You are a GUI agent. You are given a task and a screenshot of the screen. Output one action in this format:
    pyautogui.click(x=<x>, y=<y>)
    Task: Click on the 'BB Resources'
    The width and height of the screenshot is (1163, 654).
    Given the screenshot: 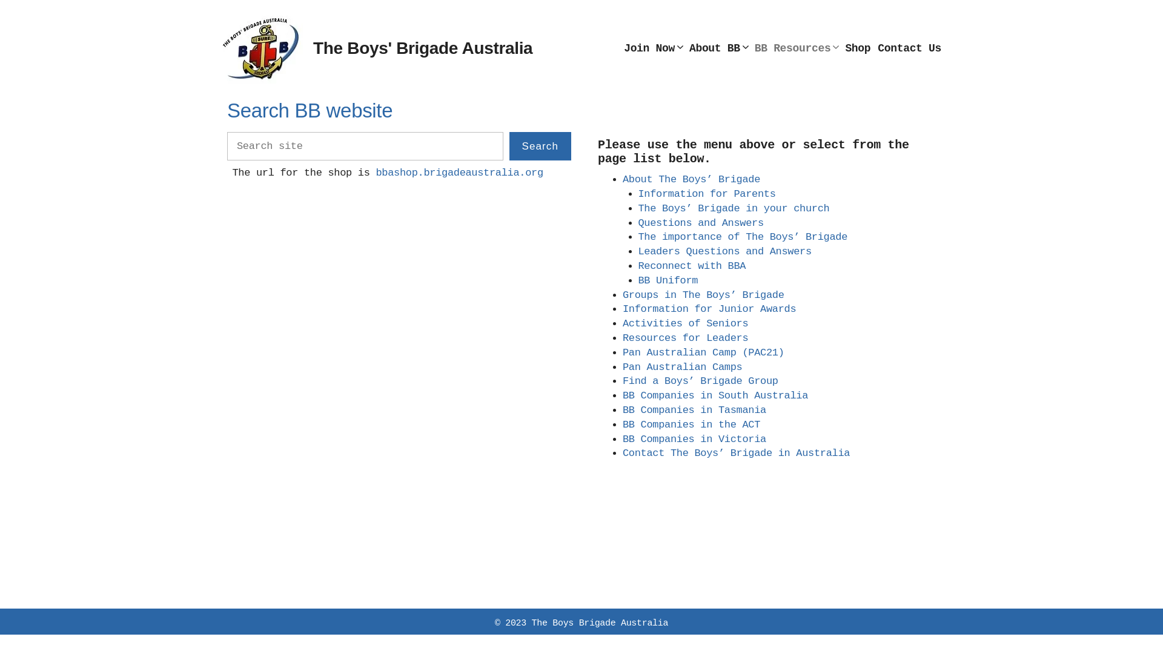 What is the action you would take?
    pyautogui.click(x=797, y=48)
    